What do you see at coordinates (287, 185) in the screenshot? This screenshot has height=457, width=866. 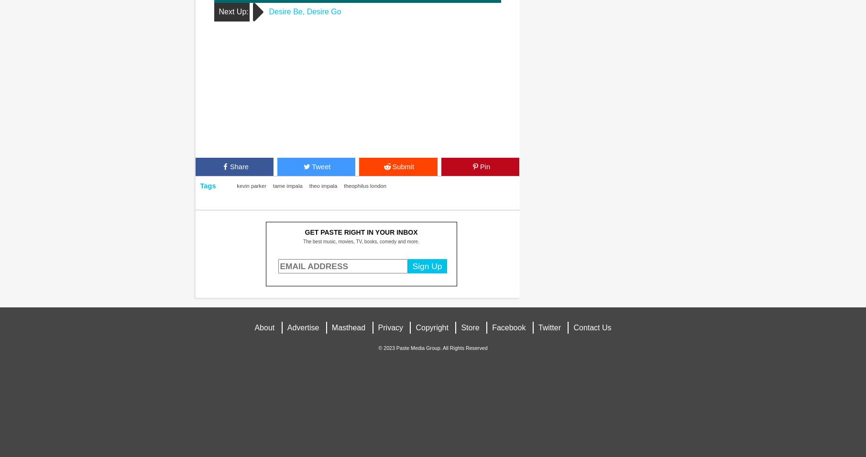 I see `'tame impala'` at bounding box center [287, 185].